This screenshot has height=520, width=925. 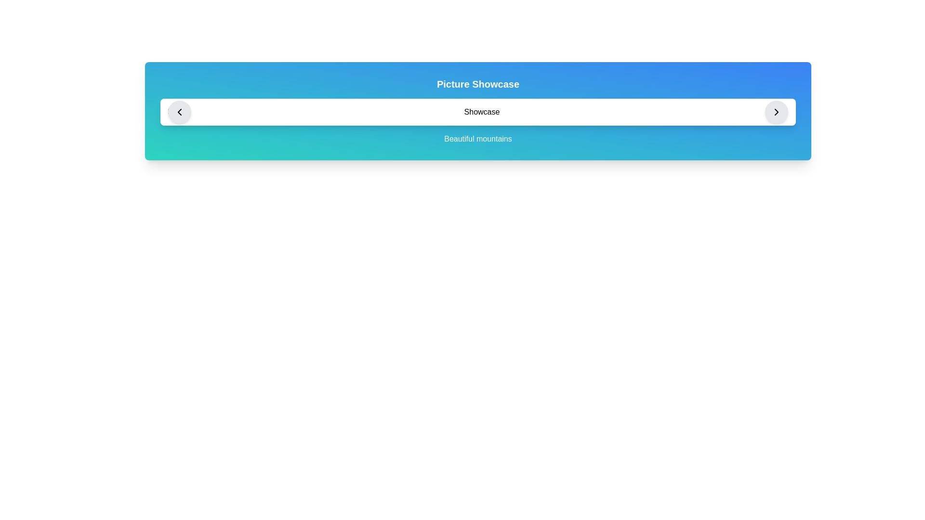 What do you see at coordinates (777, 111) in the screenshot?
I see `the rightward-pointing chevron icon button with a minimalistic design, which is located on the right end of the navigation bar` at bounding box center [777, 111].